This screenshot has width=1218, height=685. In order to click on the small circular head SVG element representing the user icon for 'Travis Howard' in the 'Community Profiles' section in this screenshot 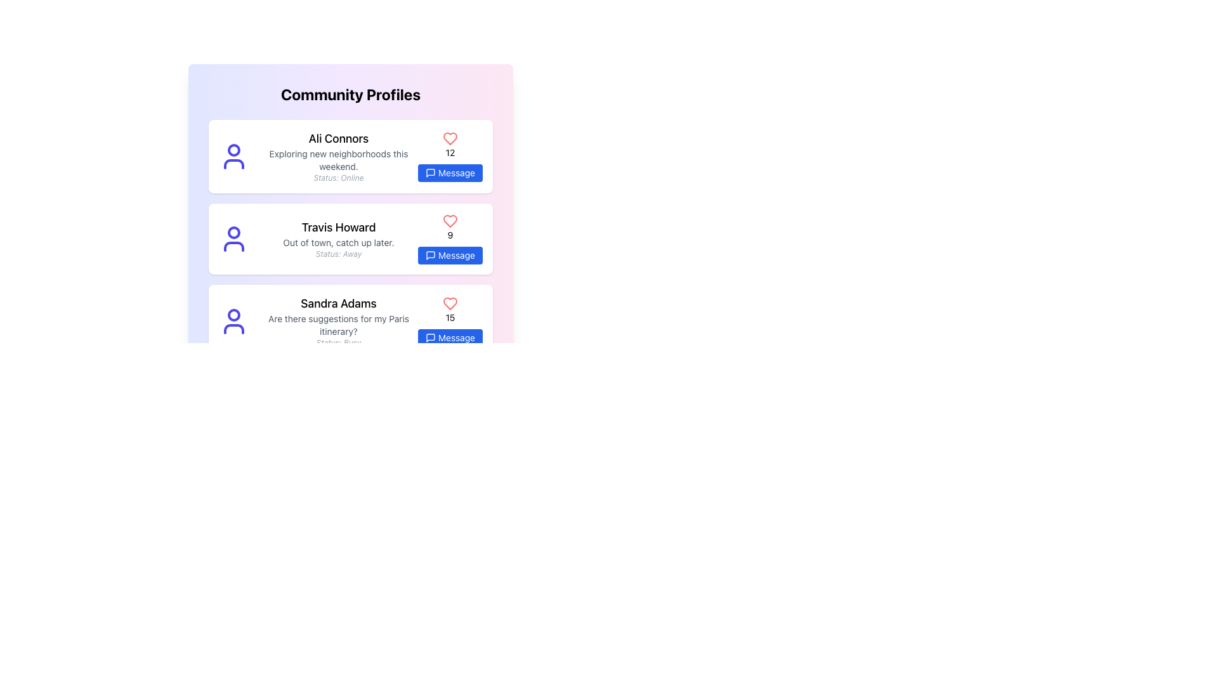, I will do `click(234, 232)`.